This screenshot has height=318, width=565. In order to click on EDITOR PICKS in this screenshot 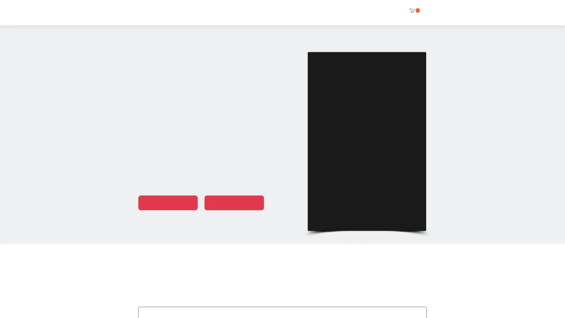, I will do `click(244, 294)`.